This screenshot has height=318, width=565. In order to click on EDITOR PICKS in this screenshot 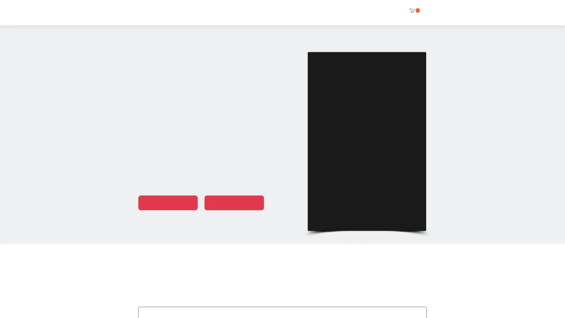, I will do `click(244, 294)`.